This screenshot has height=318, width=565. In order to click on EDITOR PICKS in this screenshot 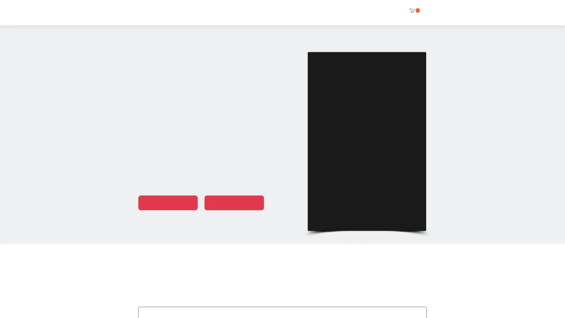, I will do `click(244, 294)`.